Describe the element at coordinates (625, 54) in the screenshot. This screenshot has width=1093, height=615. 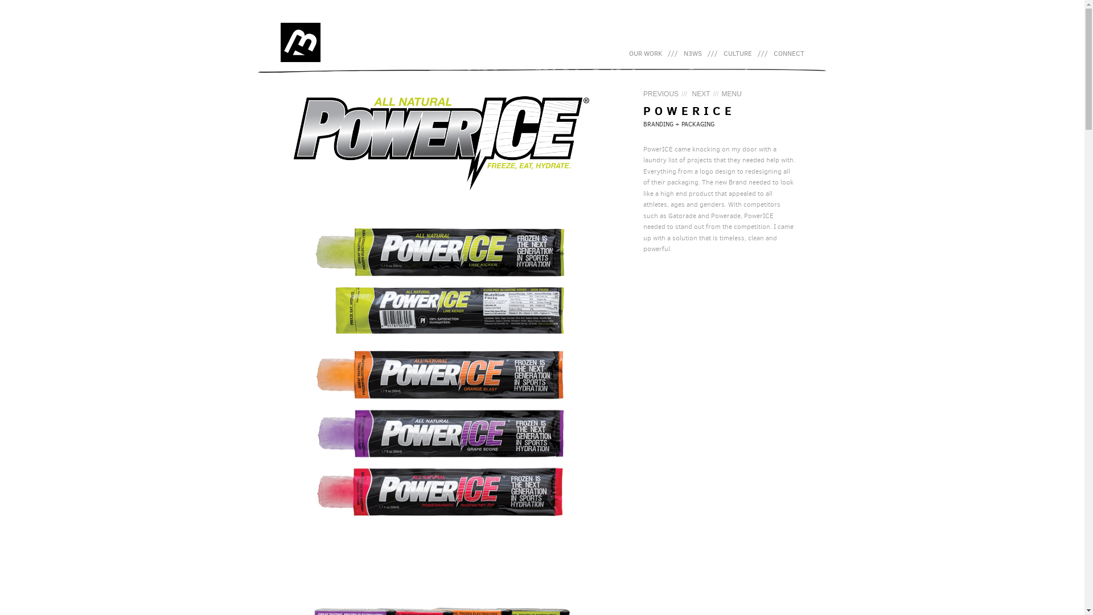
I see `'OUR WORK'` at that location.